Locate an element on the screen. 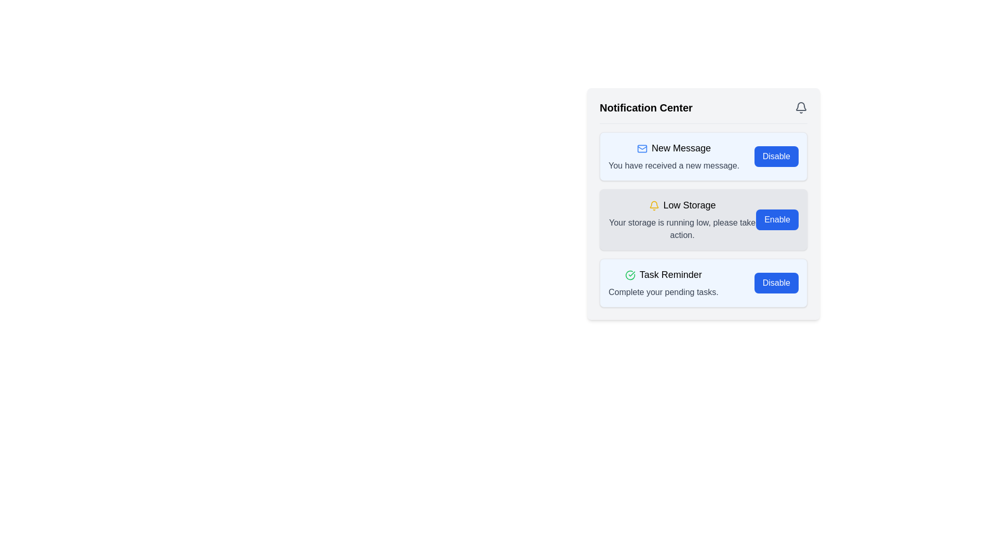 This screenshot has width=997, height=560. the 'Disable' button, which is a rectangular button with a blue background and bold white text, located in the top section of a notification-like card to observe hover effects is located at coordinates (776, 156).